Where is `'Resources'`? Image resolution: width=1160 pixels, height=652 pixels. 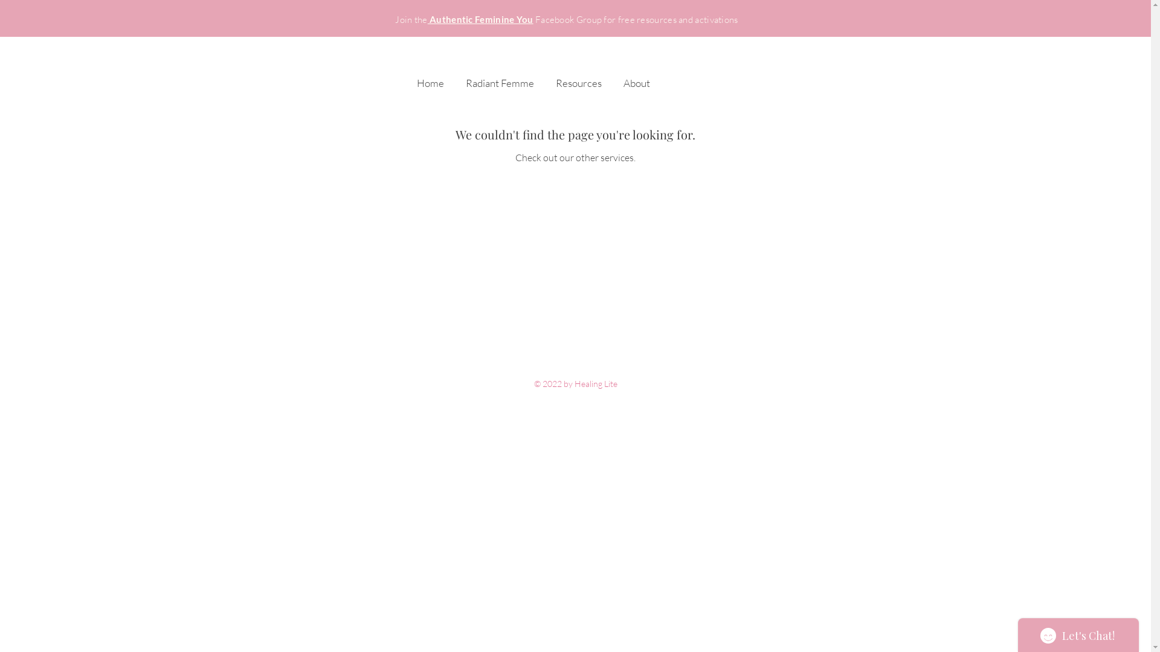 'Resources' is located at coordinates (544, 77).